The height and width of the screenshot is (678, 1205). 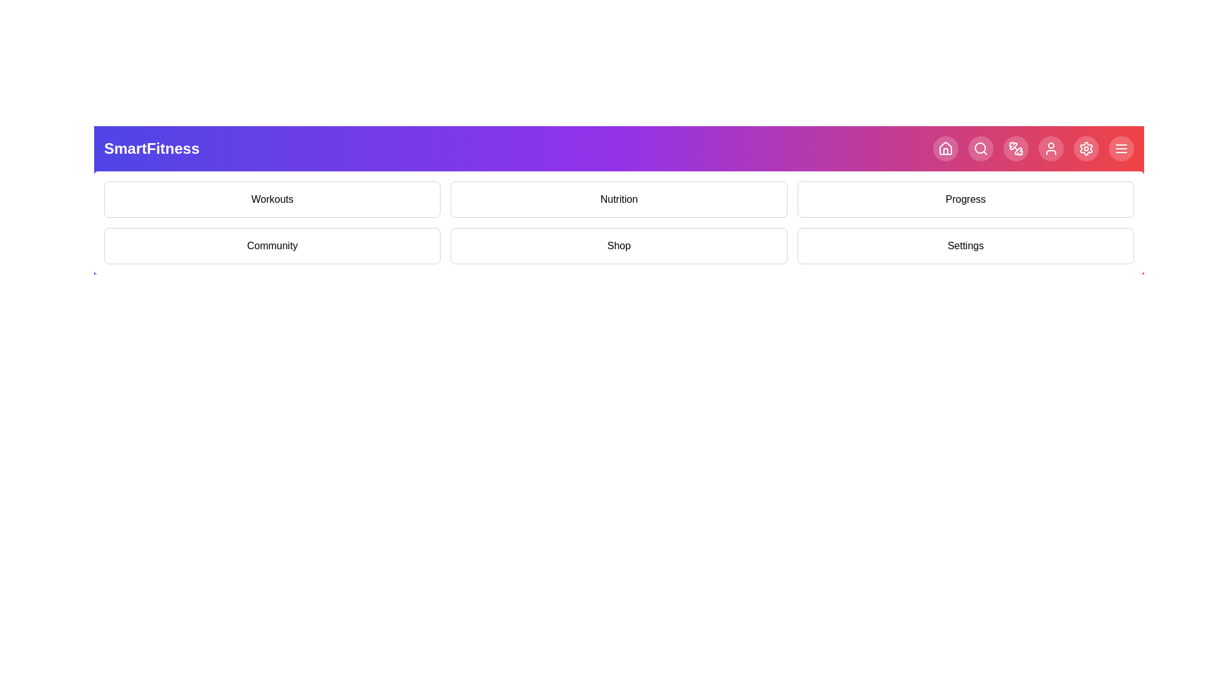 What do you see at coordinates (1121, 148) in the screenshot?
I see `menu button to toggle the menu visibility` at bounding box center [1121, 148].